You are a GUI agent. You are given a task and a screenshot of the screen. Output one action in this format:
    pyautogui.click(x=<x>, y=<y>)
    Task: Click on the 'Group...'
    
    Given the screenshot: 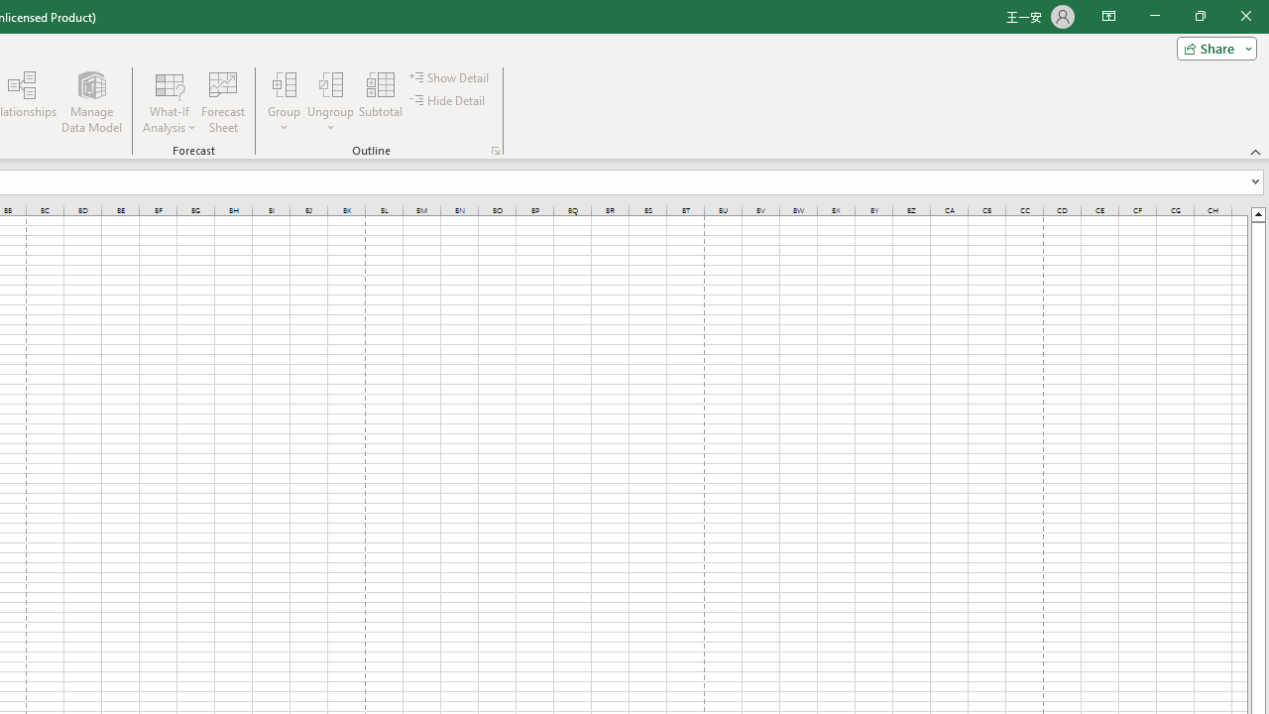 What is the action you would take?
    pyautogui.click(x=284, y=83)
    